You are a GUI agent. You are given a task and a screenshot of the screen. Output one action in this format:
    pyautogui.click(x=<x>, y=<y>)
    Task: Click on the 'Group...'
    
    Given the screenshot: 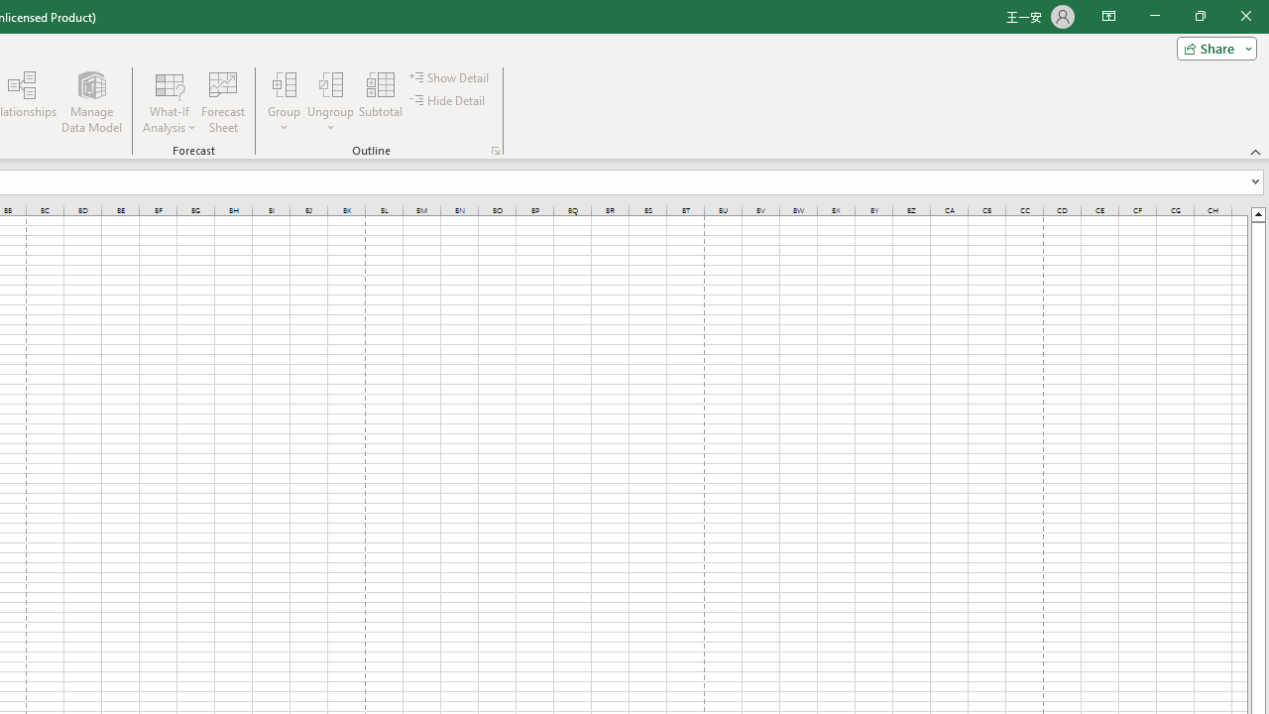 What is the action you would take?
    pyautogui.click(x=284, y=83)
    